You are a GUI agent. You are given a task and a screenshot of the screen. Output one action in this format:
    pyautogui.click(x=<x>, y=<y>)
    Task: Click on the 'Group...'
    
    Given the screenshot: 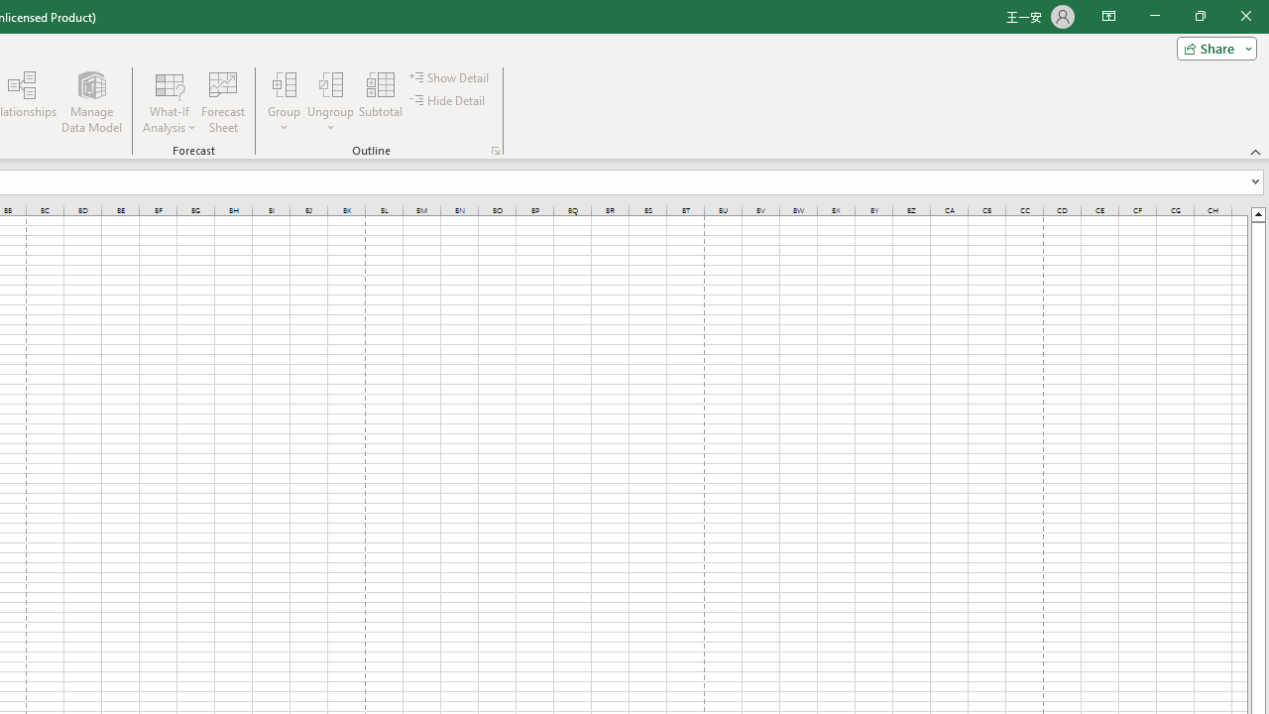 What is the action you would take?
    pyautogui.click(x=284, y=83)
    